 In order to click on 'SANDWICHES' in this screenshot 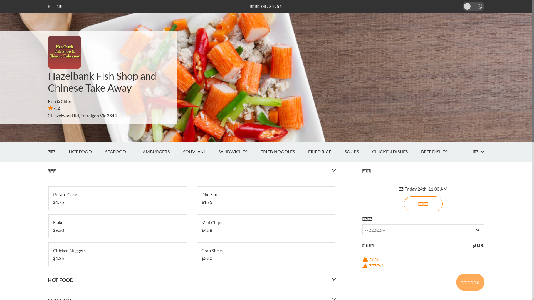, I will do `click(239, 152)`.